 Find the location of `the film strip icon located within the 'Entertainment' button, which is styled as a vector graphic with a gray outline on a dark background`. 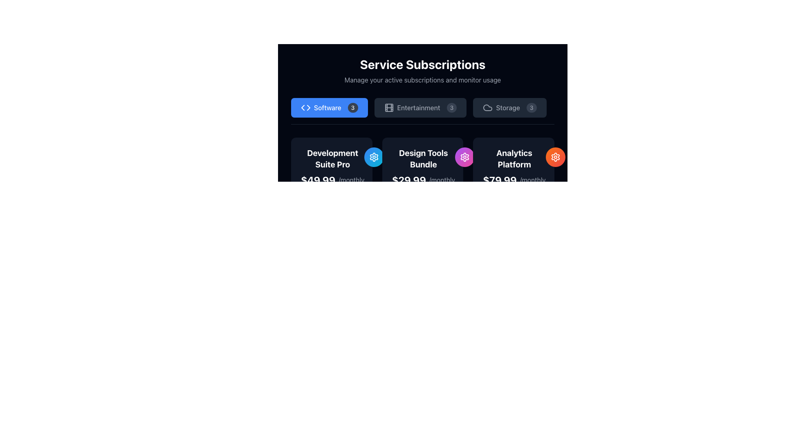

the film strip icon located within the 'Entertainment' button, which is styled as a vector graphic with a gray outline on a dark background is located at coordinates (388, 107).